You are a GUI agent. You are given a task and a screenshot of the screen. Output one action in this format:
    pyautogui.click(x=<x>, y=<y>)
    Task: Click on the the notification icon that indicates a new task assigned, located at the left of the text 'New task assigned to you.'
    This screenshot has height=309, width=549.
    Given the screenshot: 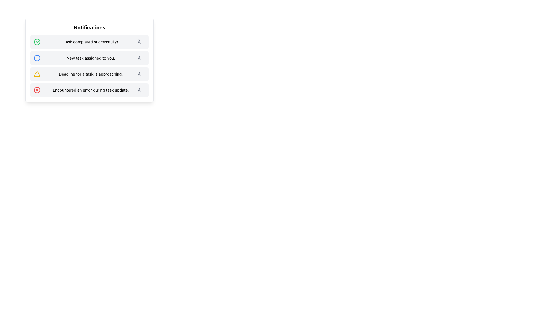 What is the action you would take?
    pyautogui.click(x=37, y=58)
    